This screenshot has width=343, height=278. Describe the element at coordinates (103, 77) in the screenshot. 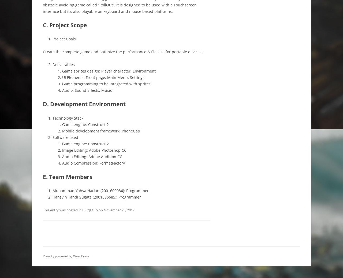

I see `'UI Elements: Front page, Main Menu, Settings'` at that location.